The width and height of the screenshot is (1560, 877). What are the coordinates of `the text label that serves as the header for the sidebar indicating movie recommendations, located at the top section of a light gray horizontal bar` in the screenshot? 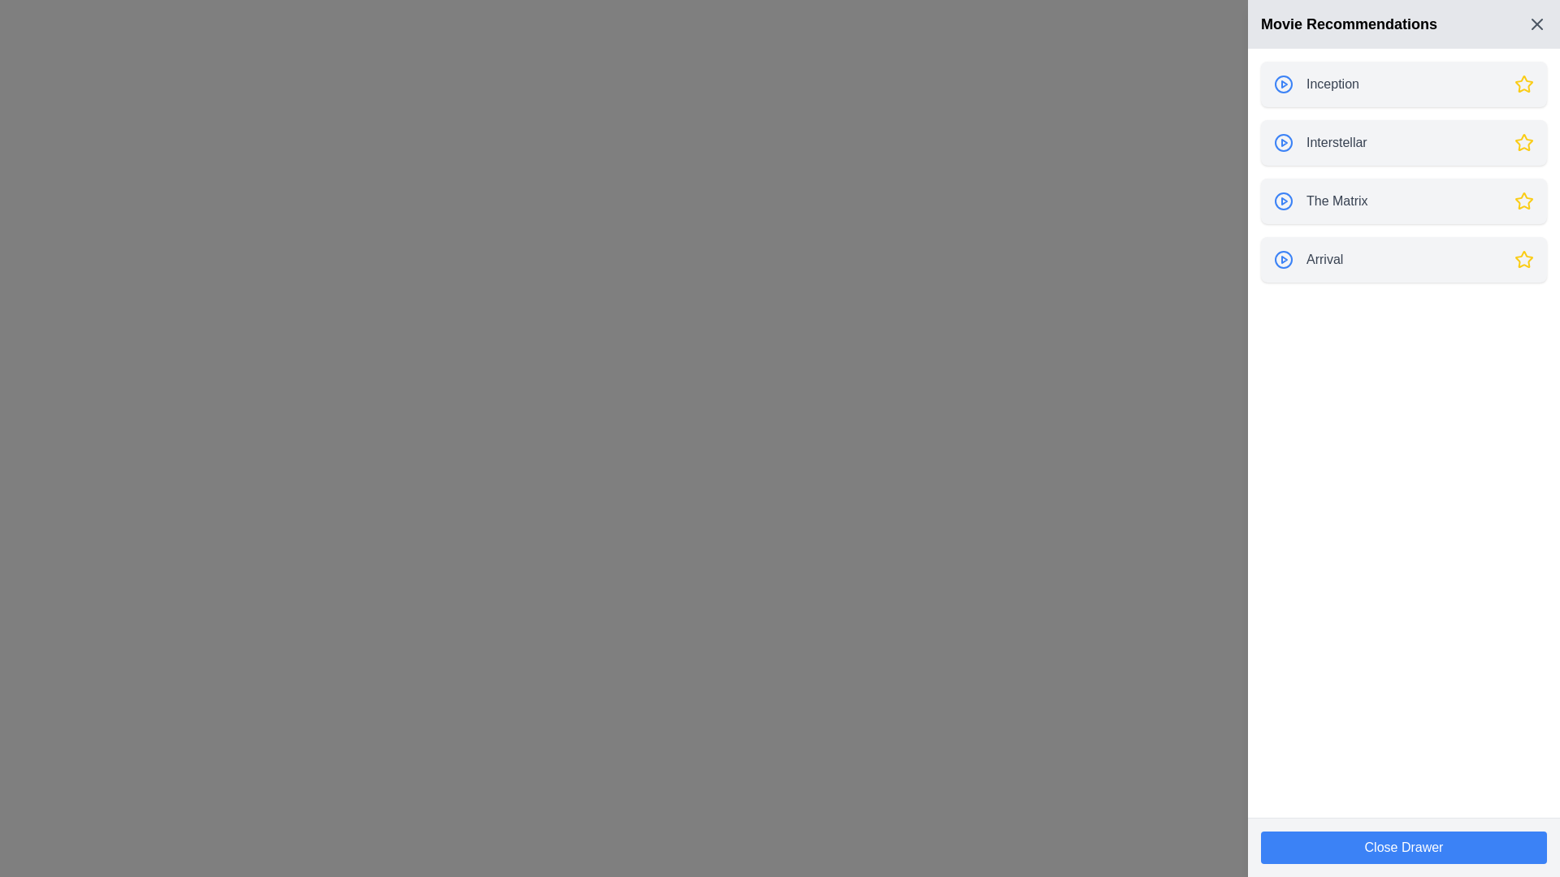 It's located at (1349, 24).